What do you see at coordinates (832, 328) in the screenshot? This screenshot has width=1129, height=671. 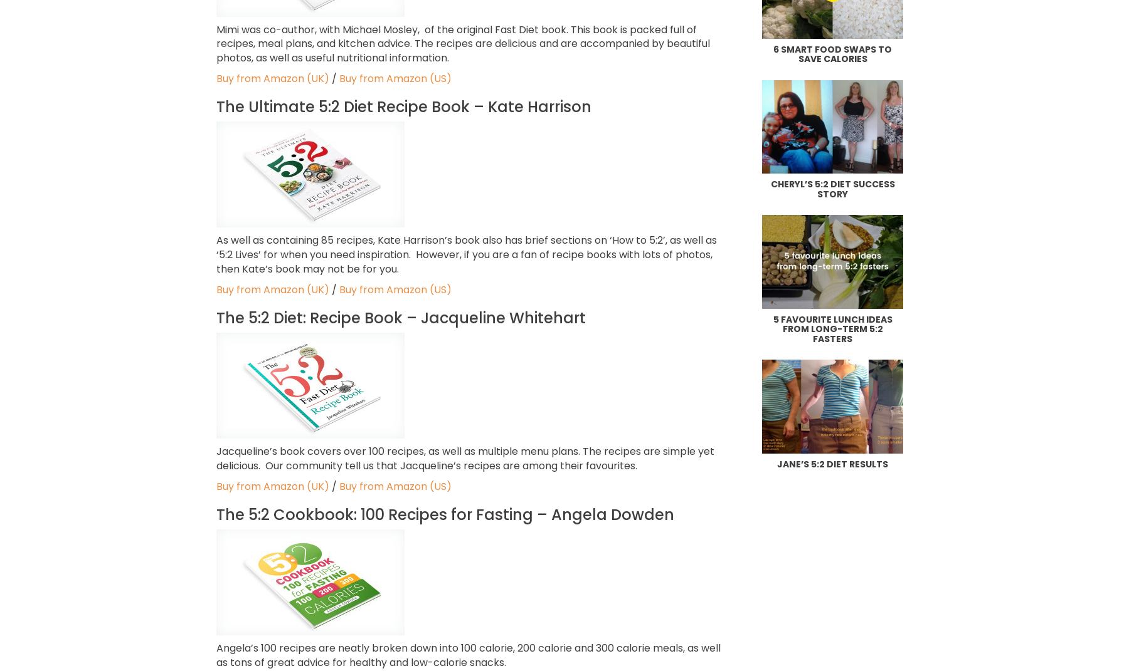 I see `'5 favourite lunch ideas from long-term 5:2 fasters'` at bounding box center [832, 328].